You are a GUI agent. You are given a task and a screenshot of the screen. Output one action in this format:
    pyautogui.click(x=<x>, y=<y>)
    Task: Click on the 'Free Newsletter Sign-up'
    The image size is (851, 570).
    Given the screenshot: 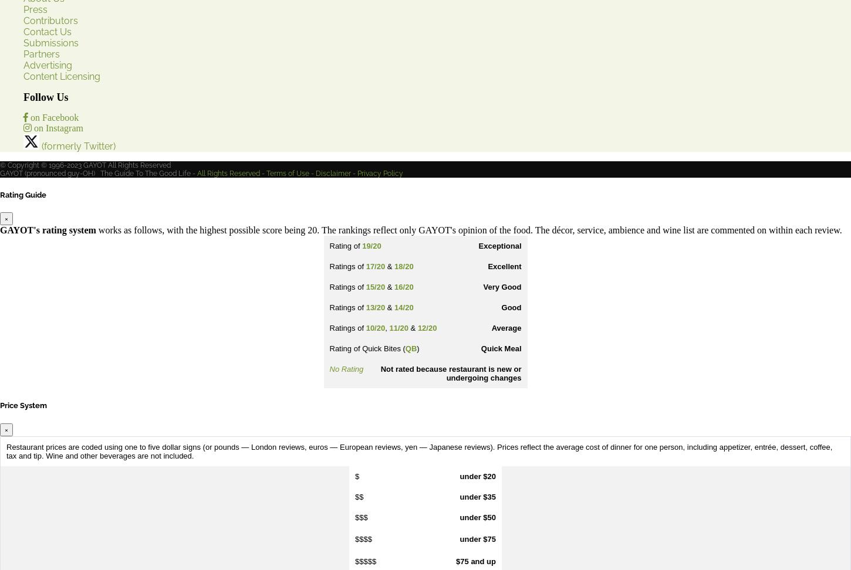 What is the action you would take?
    pyautogui.click(x=75, y=341)
    